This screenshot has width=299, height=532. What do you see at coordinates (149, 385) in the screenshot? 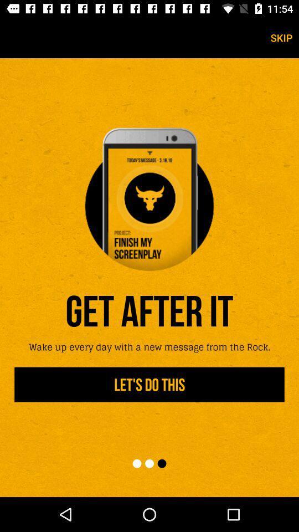
I see `let s do icon` at bounding box center [149, 385].